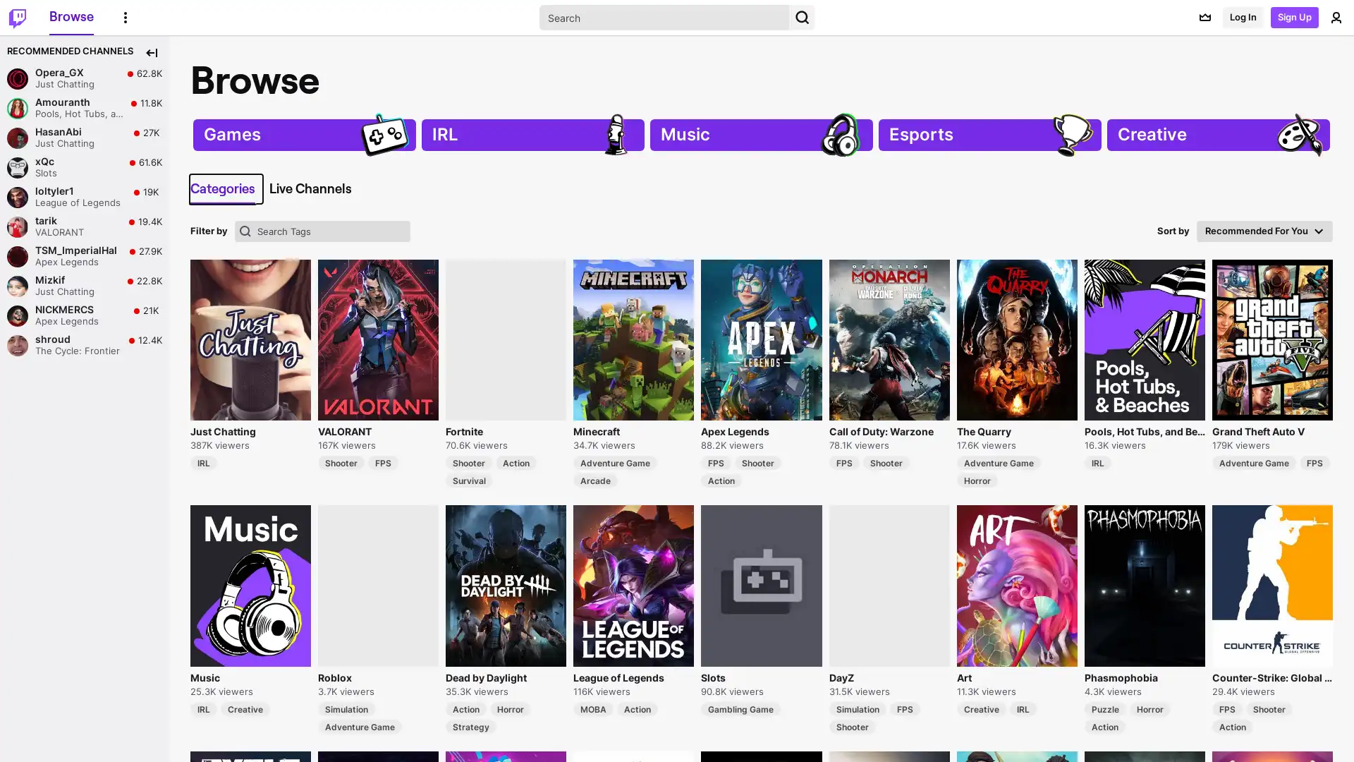  I want to click on Action, so click(515, 462).